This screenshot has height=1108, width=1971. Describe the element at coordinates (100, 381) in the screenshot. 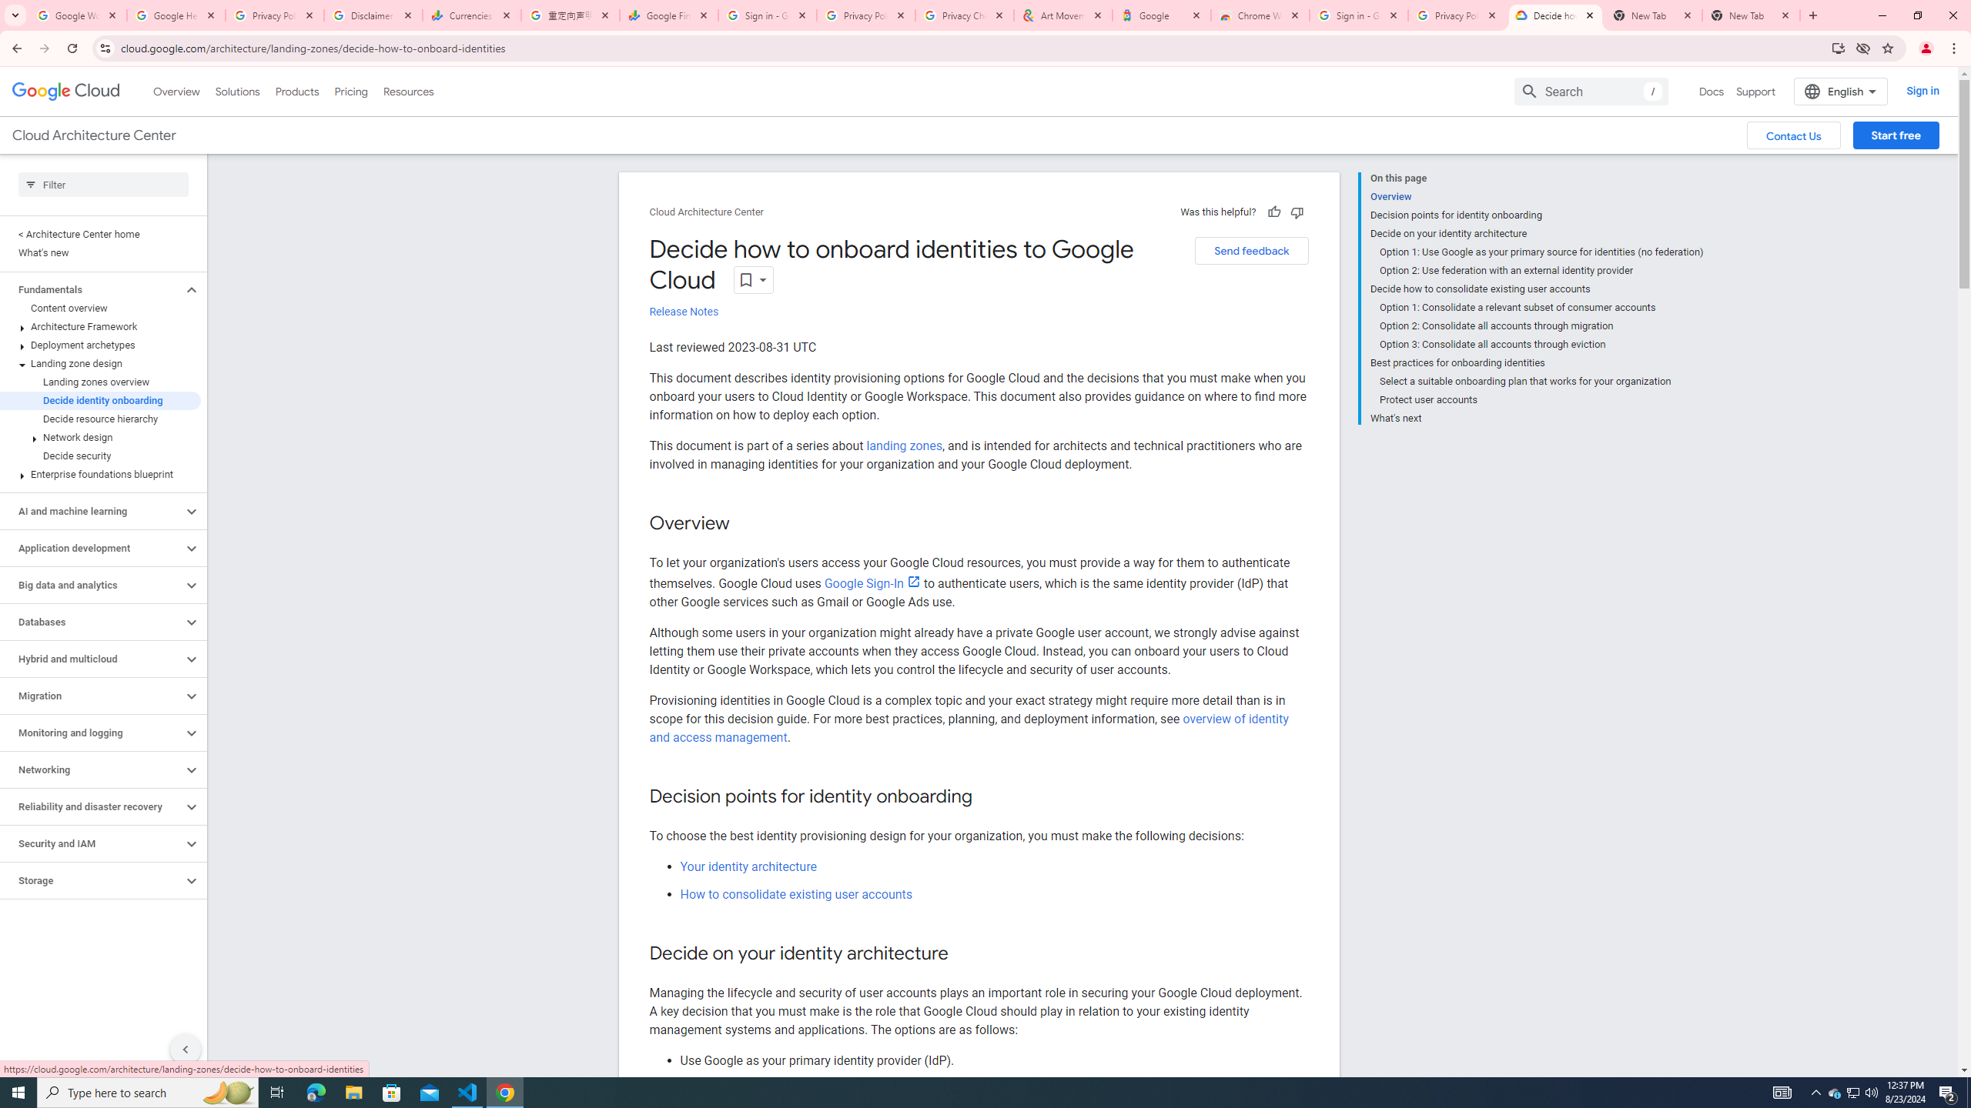

I see `'Landing zones overview'` at that location.